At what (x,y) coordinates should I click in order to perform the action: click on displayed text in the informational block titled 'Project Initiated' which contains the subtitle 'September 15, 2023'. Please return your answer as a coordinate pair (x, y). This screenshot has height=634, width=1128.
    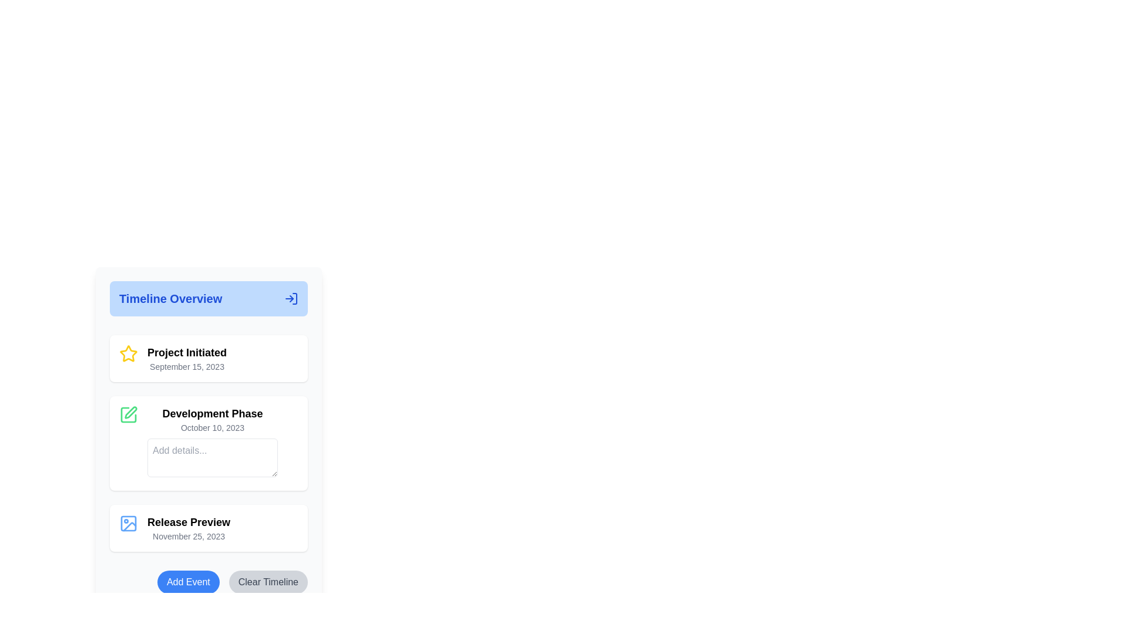
    Looking at the image, I should click on (186, 358).